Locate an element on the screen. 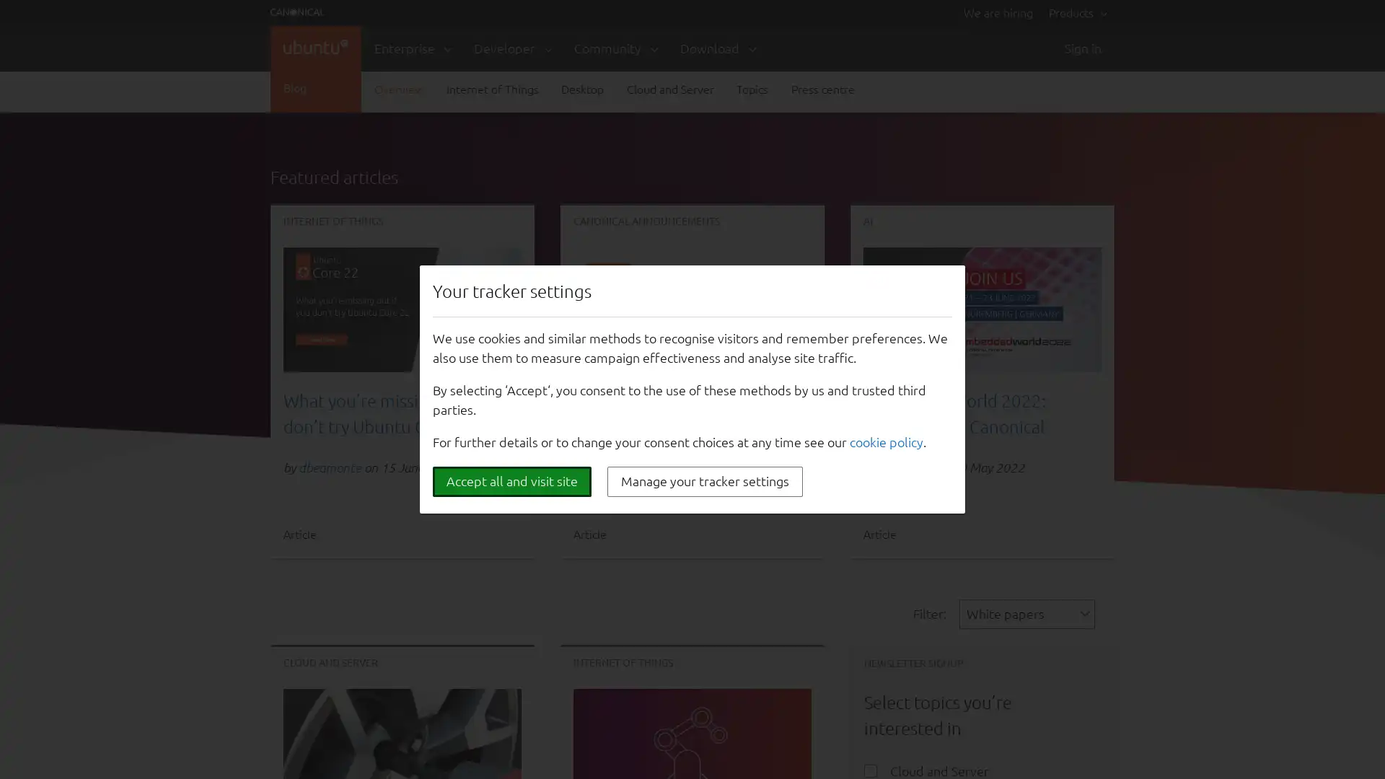 This screenshot has width=1385, height=779. Accept all and visit site is located at coordinates (512, 481).